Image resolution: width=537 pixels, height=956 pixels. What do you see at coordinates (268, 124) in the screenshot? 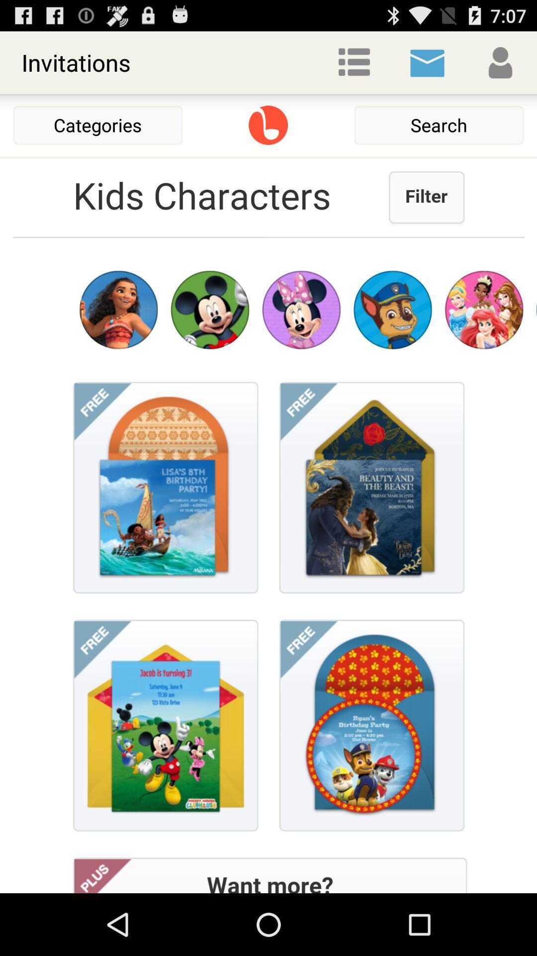
I see `music` at bounding box center [268, 124].